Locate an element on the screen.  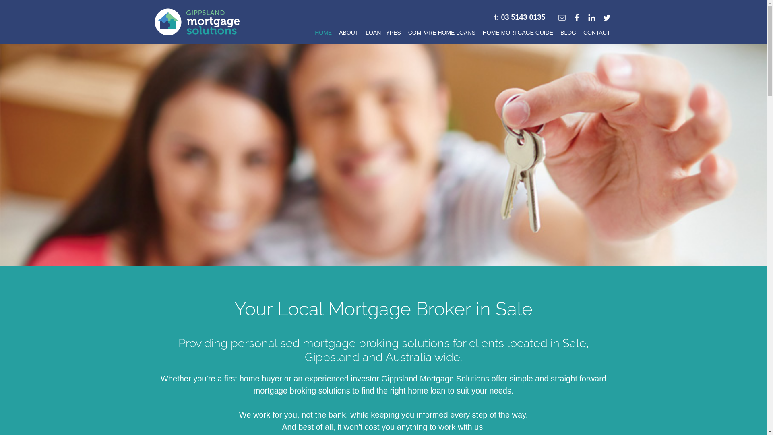
'COMPARE HOME LOANS' is located at coordinates (406, 34).